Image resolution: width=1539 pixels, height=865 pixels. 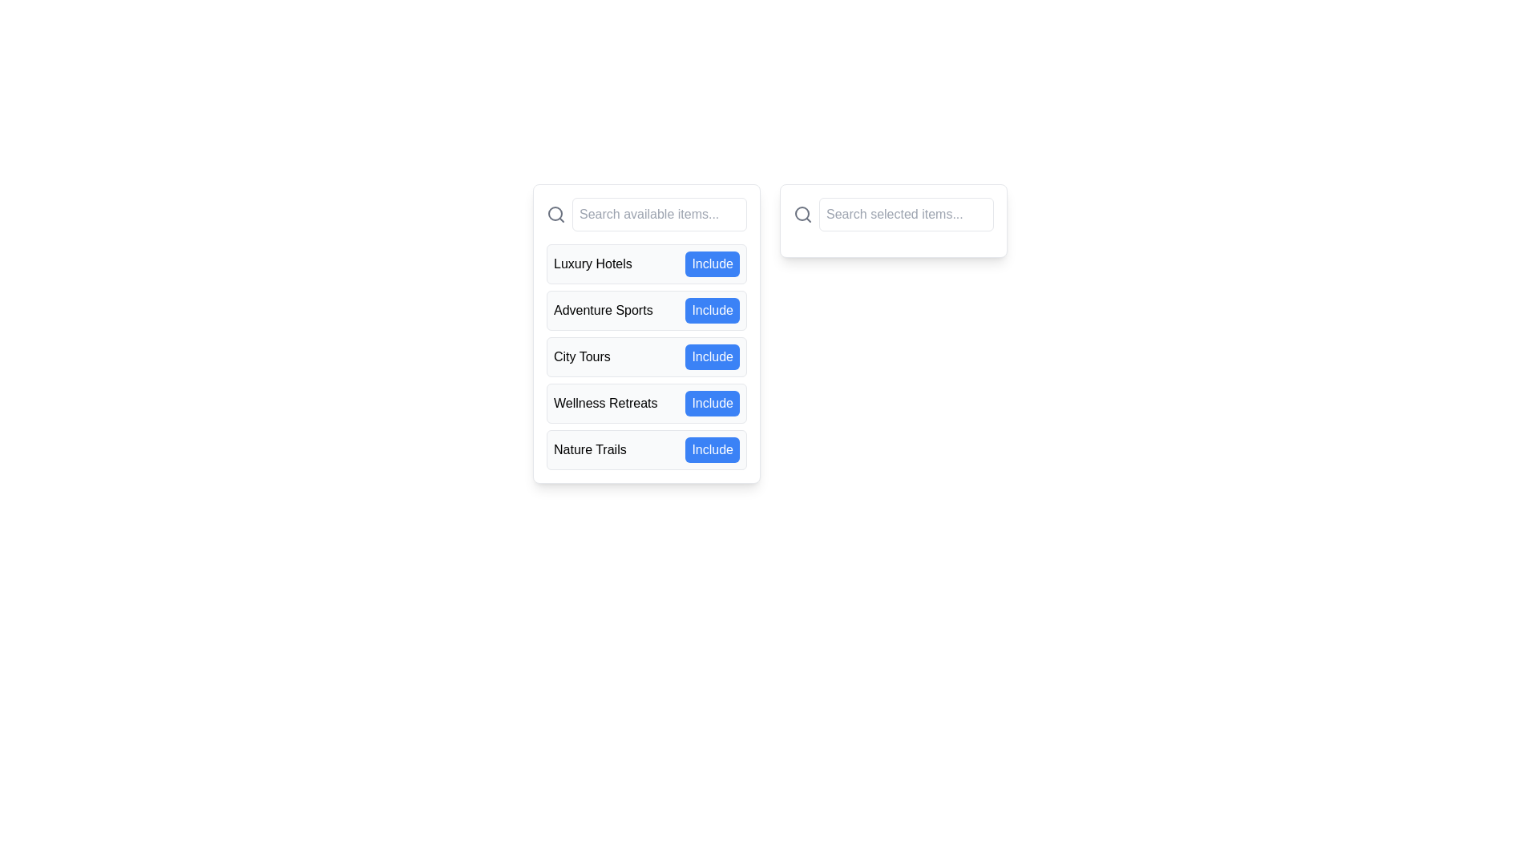 What do you see at coordinates (712, 264) in the screenshot?
I see `the 'Include' button, which is a rounded rectangular button with a blue background and white text, located in the list of options for 'Luxury Hotels'` at bounding box center [712, 264].